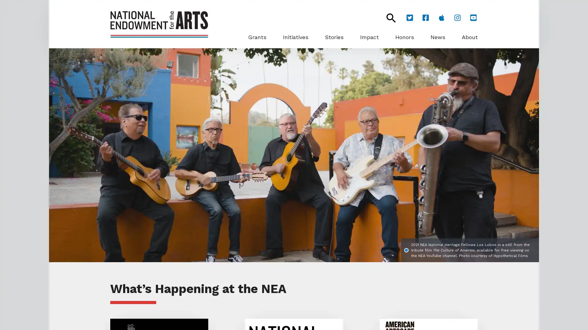 The height and width of the screenshot is (330, 588). I want to click on Close Search, so click(387, 17).